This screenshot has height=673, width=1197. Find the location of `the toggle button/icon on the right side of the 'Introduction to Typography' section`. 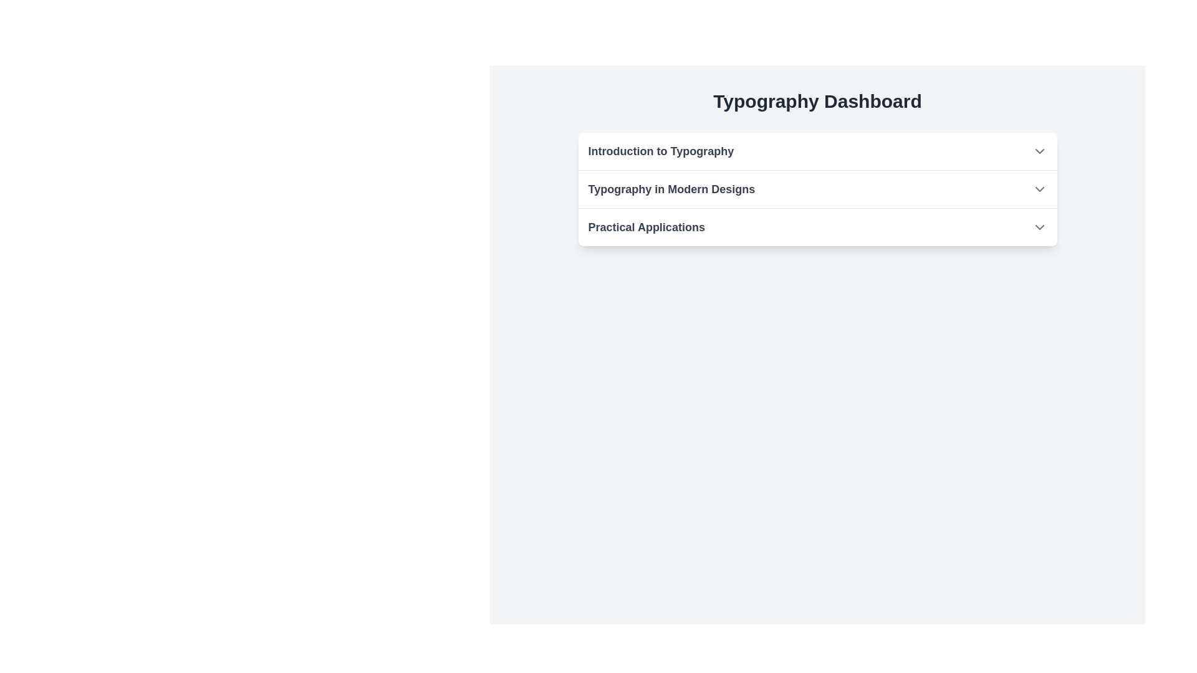

the toggle button/icon on the right side of the 'Introduction to Typography' section is located at coordinates (1039, 151).